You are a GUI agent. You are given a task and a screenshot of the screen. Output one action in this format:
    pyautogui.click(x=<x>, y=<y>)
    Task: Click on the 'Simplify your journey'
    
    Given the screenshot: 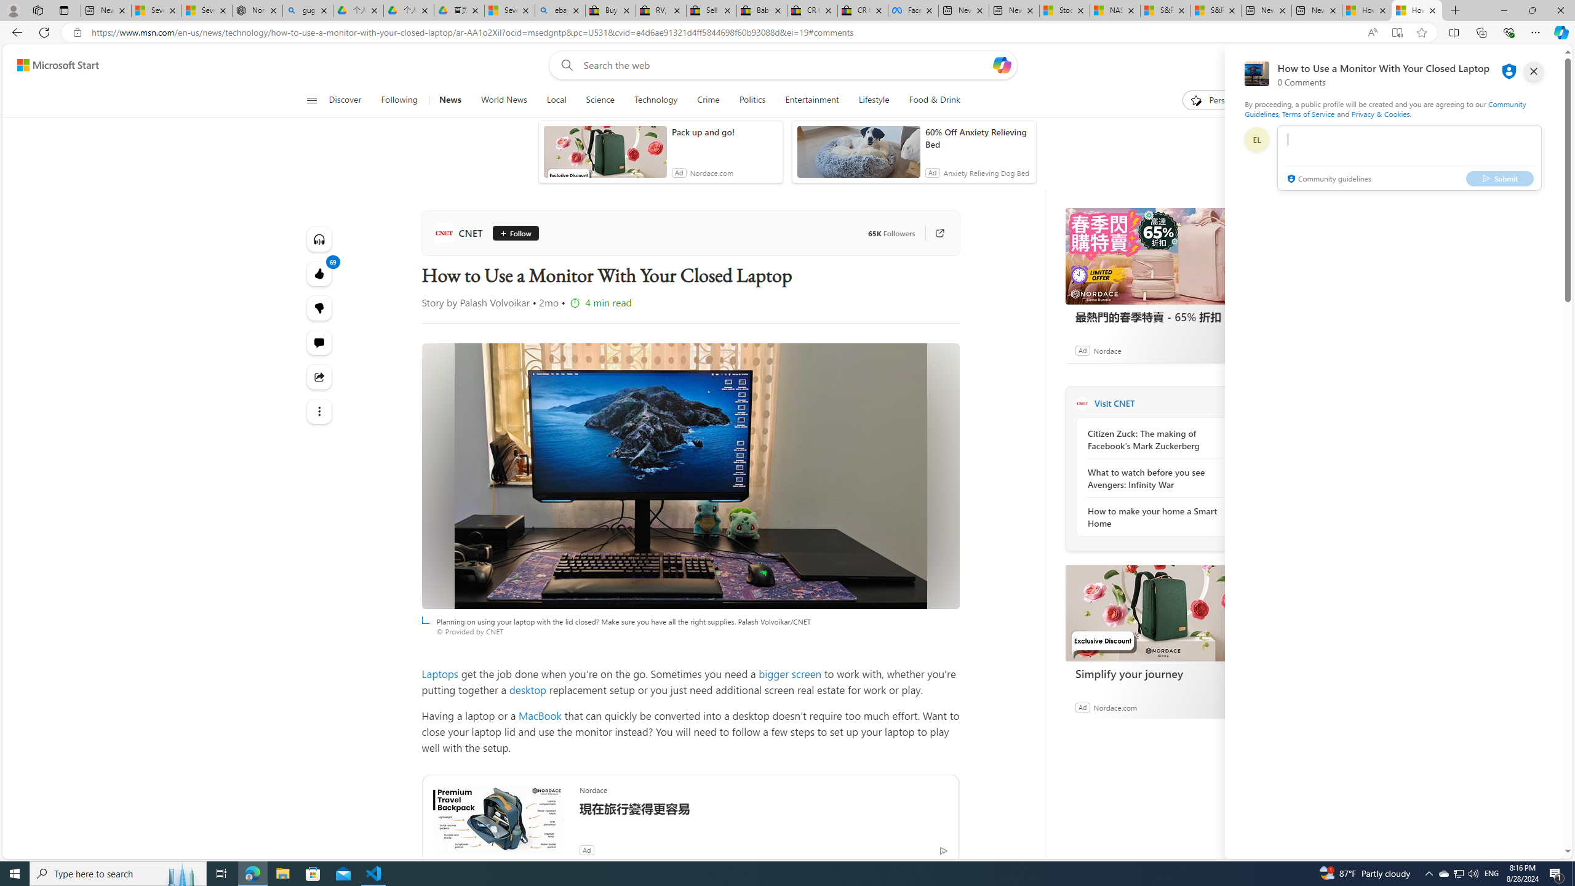 What is the action you would take?
    pyautogui.click(x=1157, y=613)
    